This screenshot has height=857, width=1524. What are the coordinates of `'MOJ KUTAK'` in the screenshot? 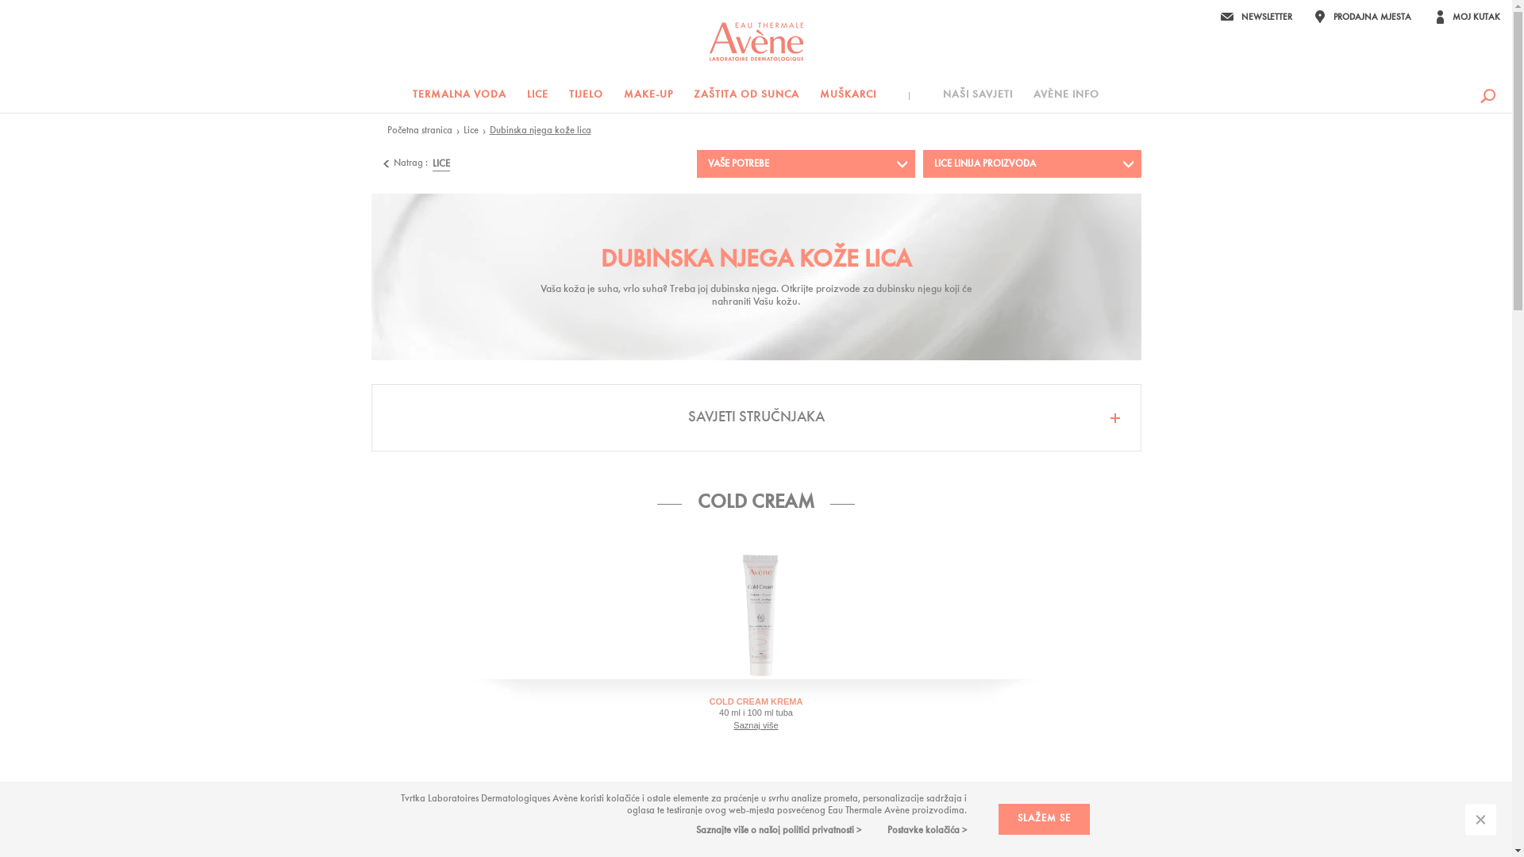 It's located at (1466, 16).